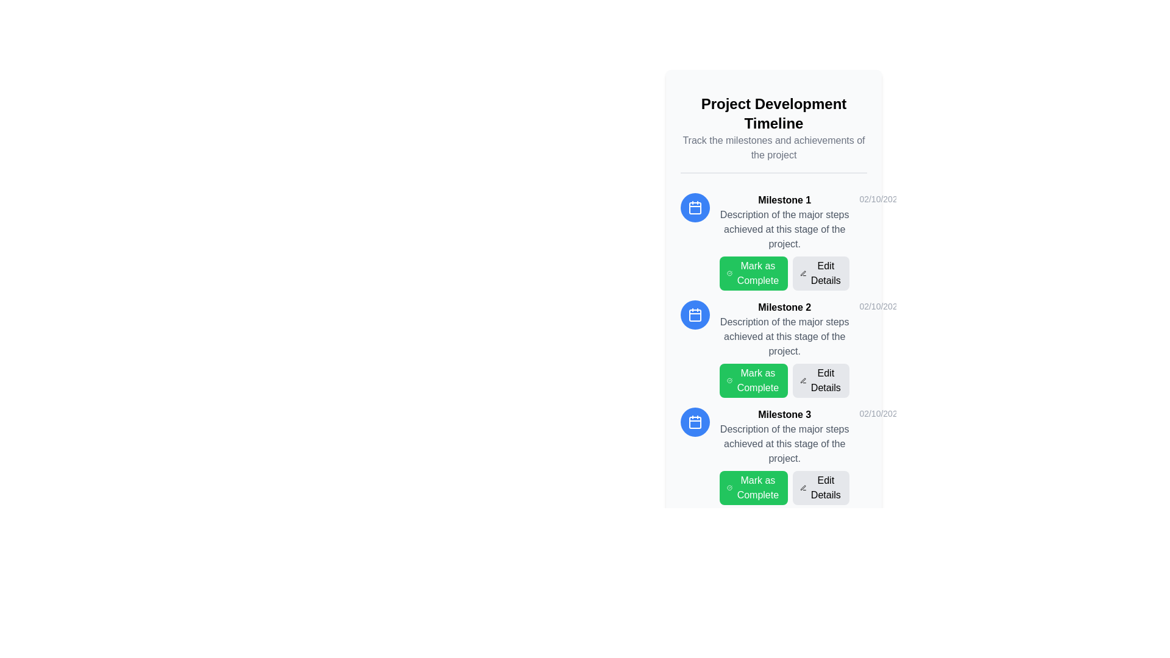  What do you see at coordinates (784, 272) in the screenshot?
I see `the green button labeled 'Mark as Complete' with a checkmark icon, located in the 'Milestone 1' section` at bounding box center [784, 272].